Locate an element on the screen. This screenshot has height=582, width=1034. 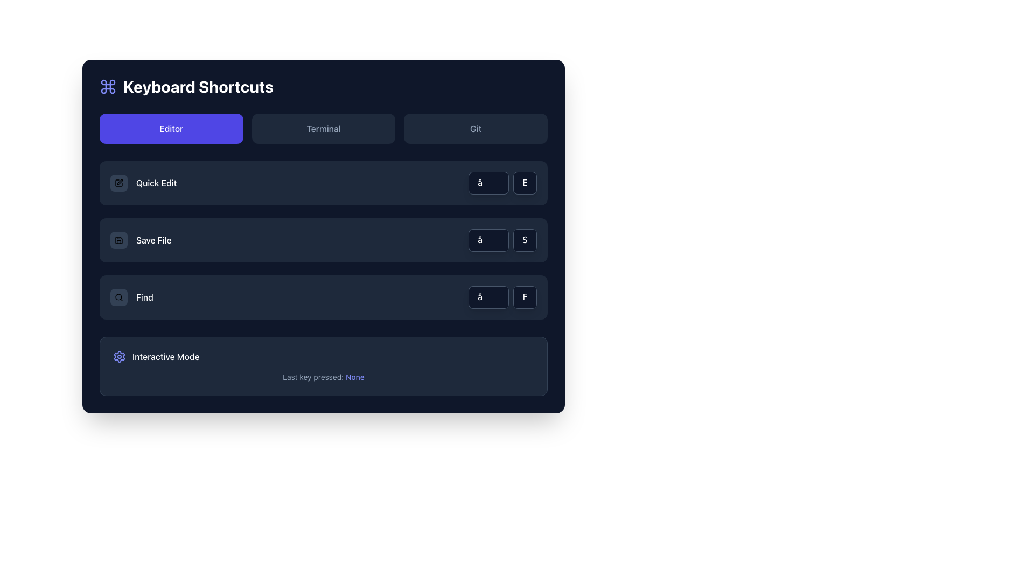
the 'Save File' button-like shortcut item, which is the second item in the vertical list of shortcuts under the 'Keyboard Shortcuts' heading is located at coordinates (140, 240).